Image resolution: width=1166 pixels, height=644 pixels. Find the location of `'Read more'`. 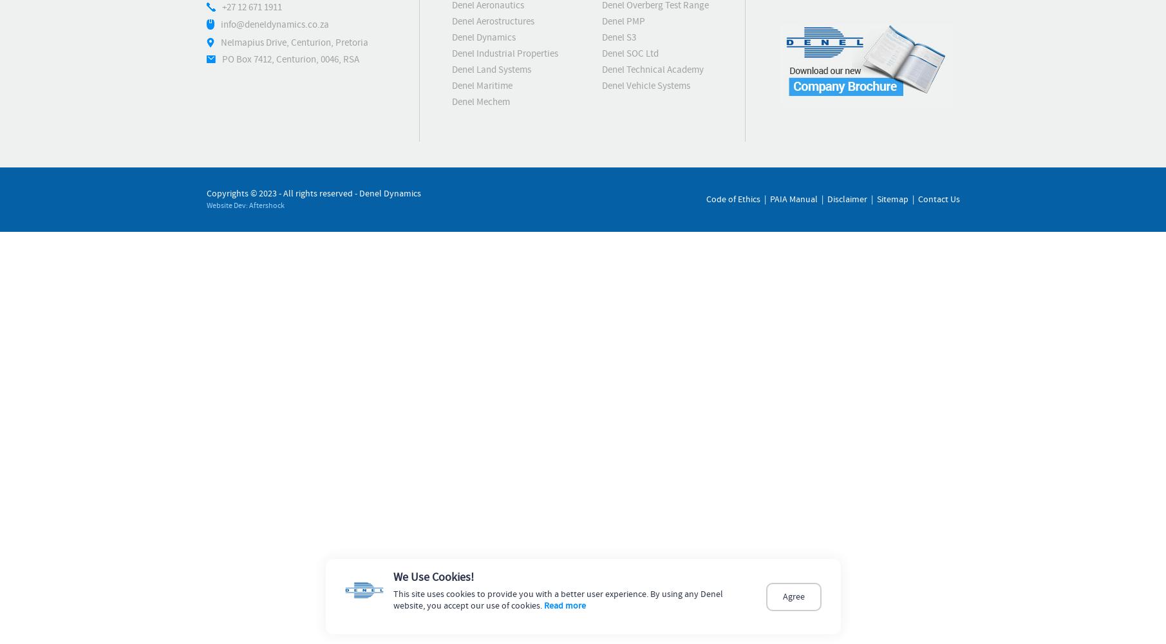

'Read more' is located at coordinates (564, 605).